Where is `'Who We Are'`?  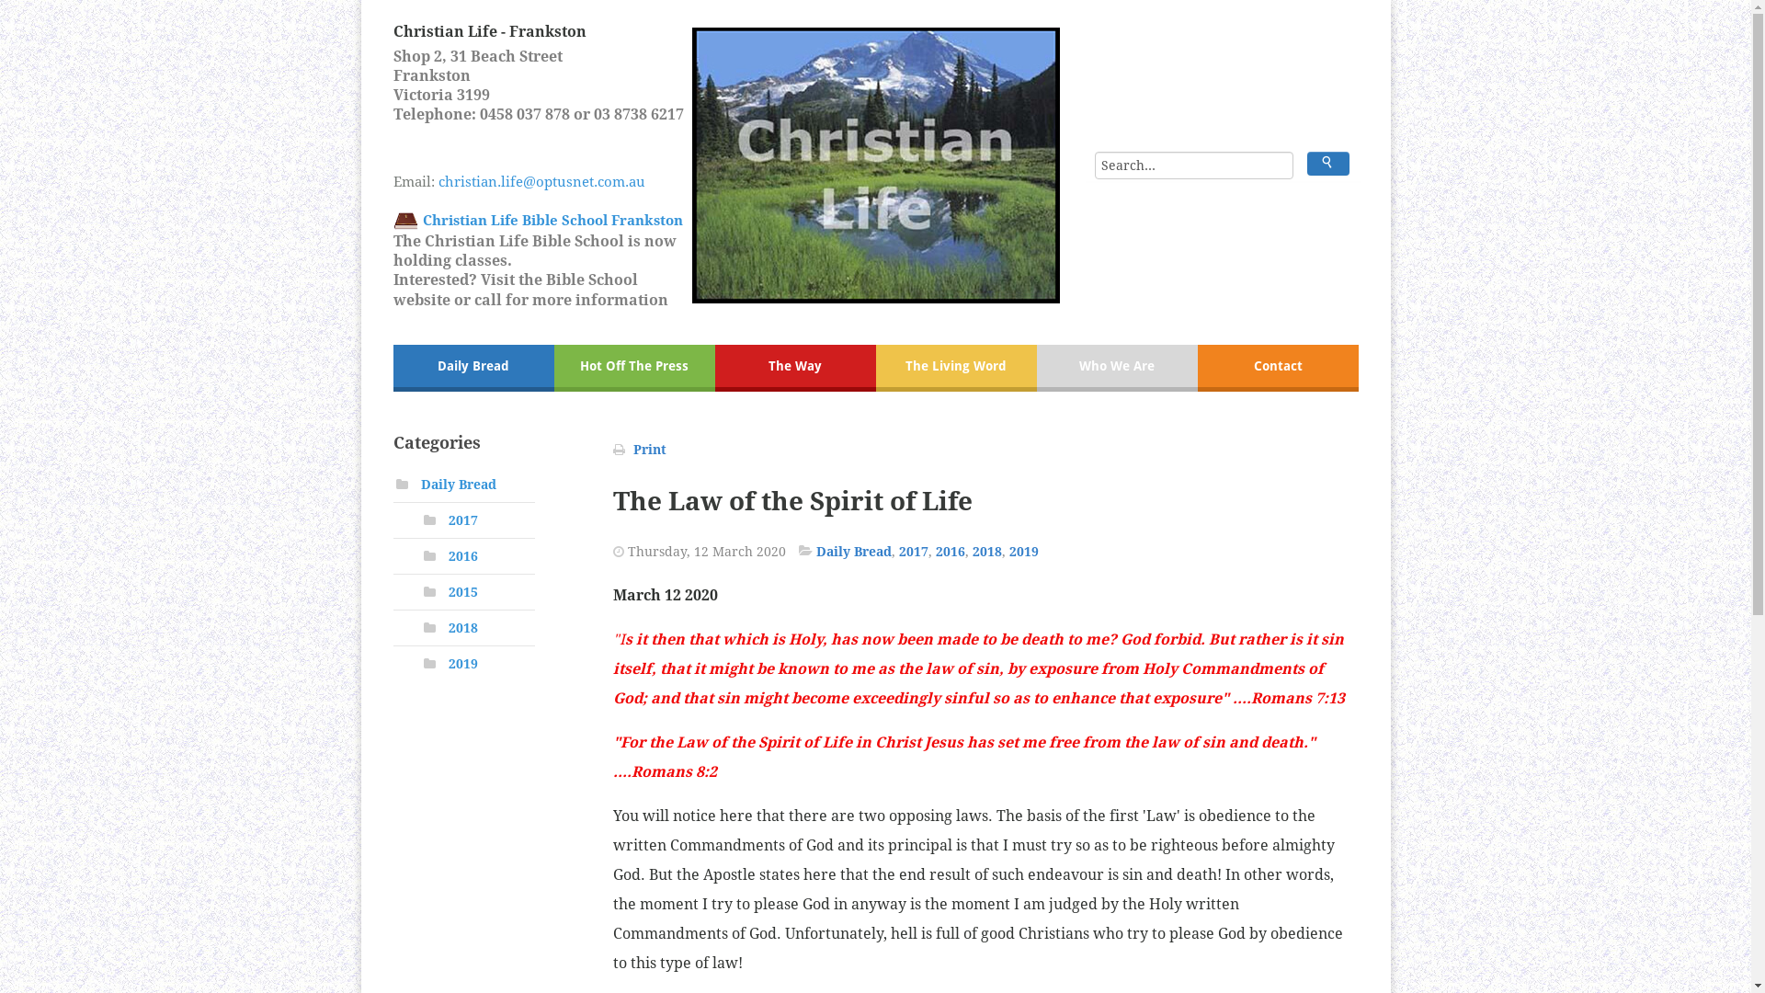
'Who We Are' is located at coordinates (1116, 368).